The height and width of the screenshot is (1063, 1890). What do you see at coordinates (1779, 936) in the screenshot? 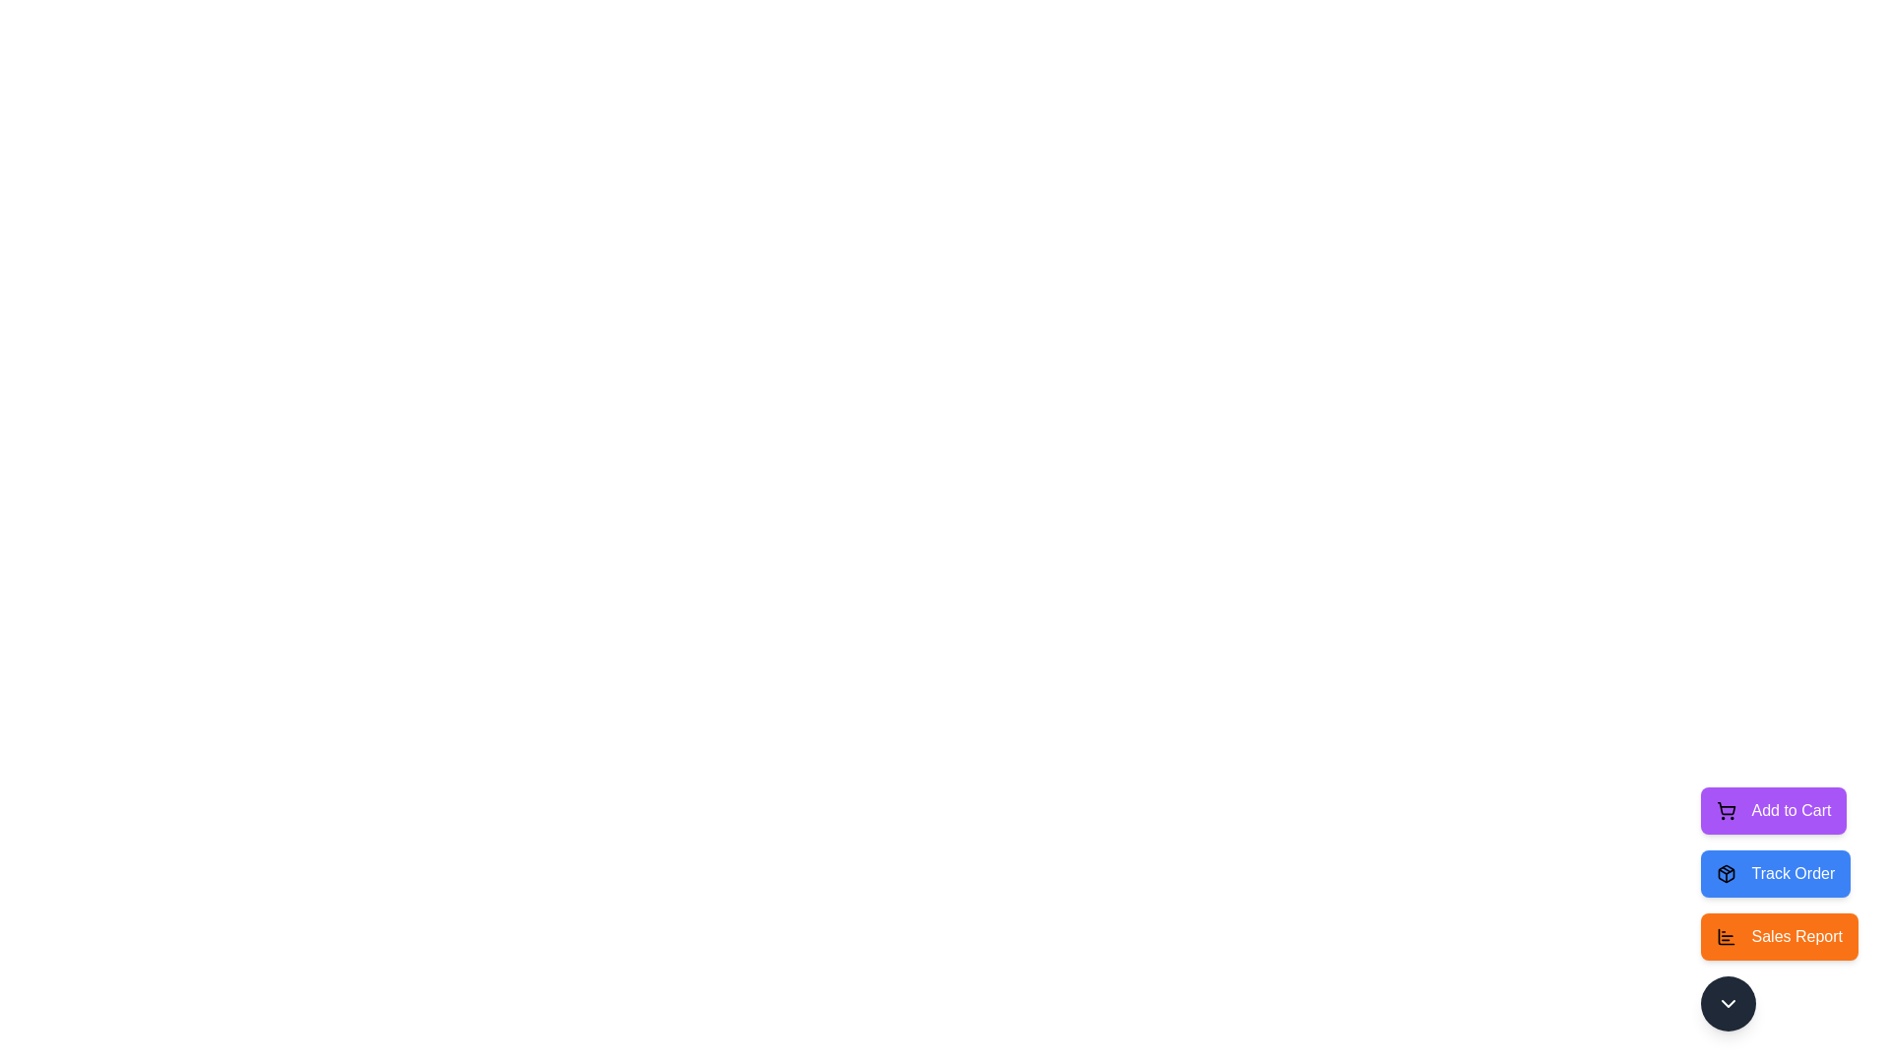
I see `the 'Sales Report' button` at bounding box center [1779, 936].